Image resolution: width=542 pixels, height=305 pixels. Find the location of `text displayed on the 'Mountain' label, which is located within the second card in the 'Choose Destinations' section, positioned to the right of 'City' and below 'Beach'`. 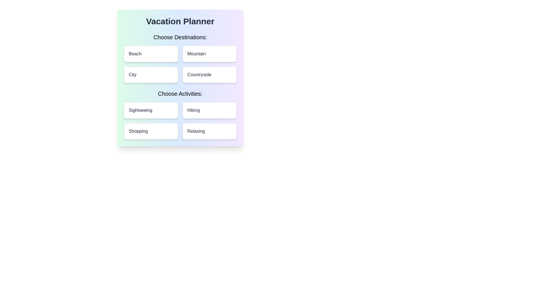

text displayed on the 'Mountain' label, which is located within the second card in the 'Choose Destinations' section, positioned to the right of 'City' and below 'Beach' is located at coordinates (196, 54).